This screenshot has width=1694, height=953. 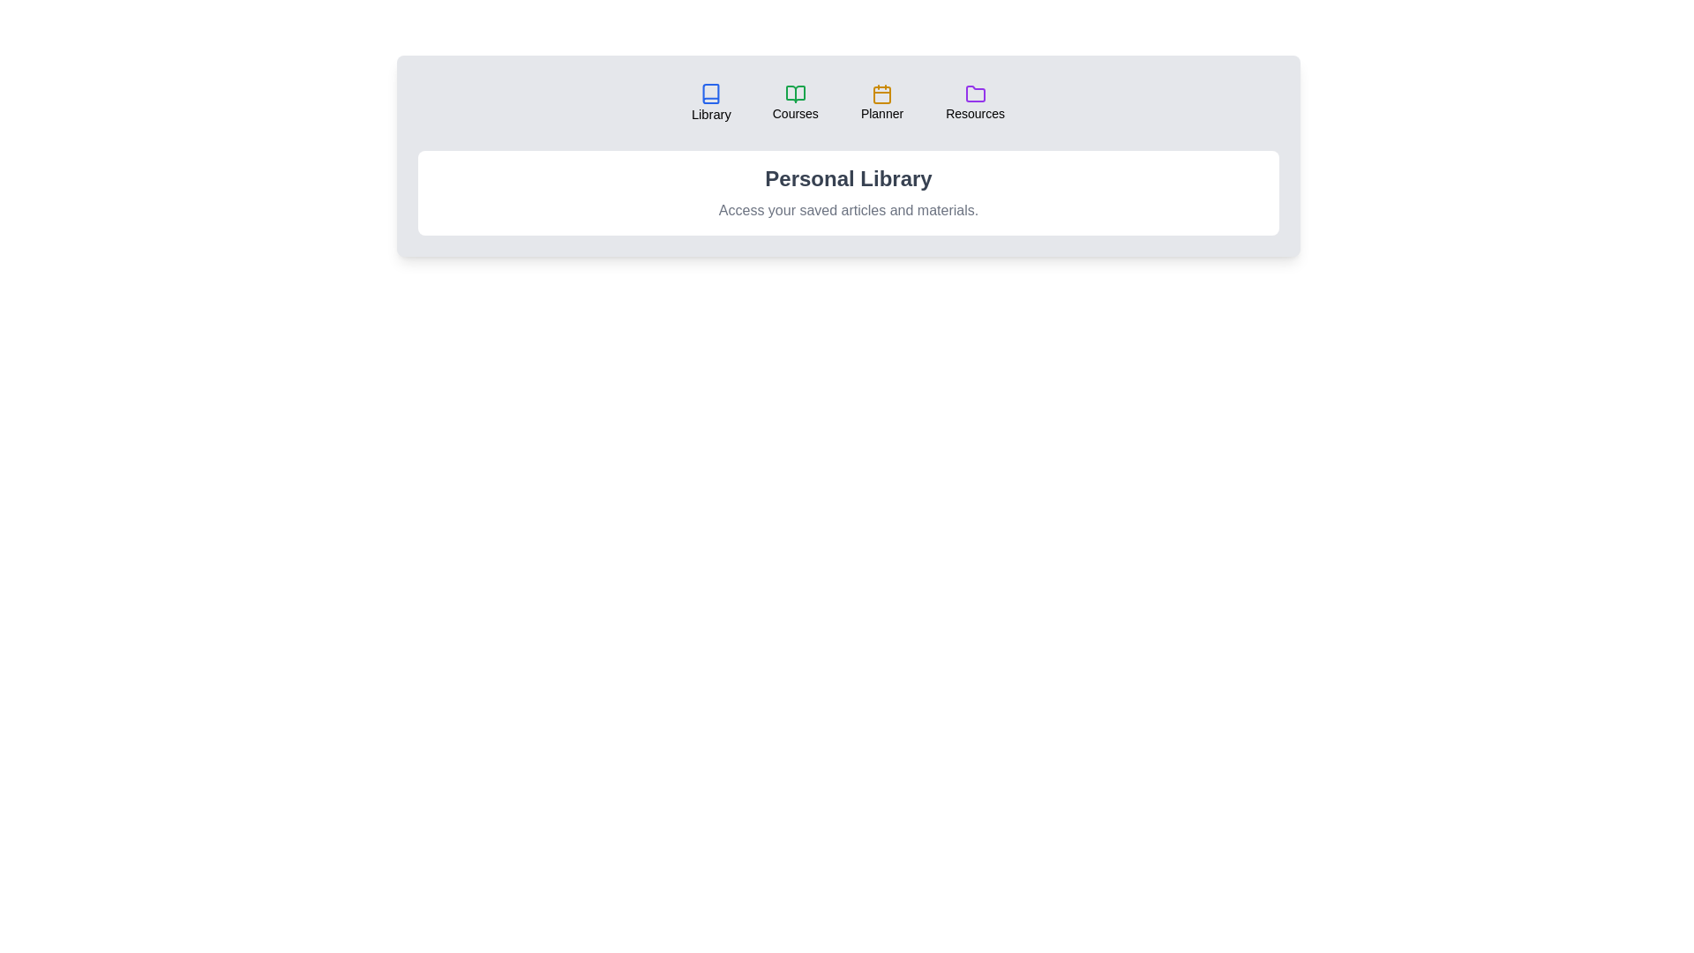 What do you see at coordinates (794, 102) in the screenshot?
I see `the tab labeled 'Courses' to observe its hover effect` at bounding box center [794, 102].